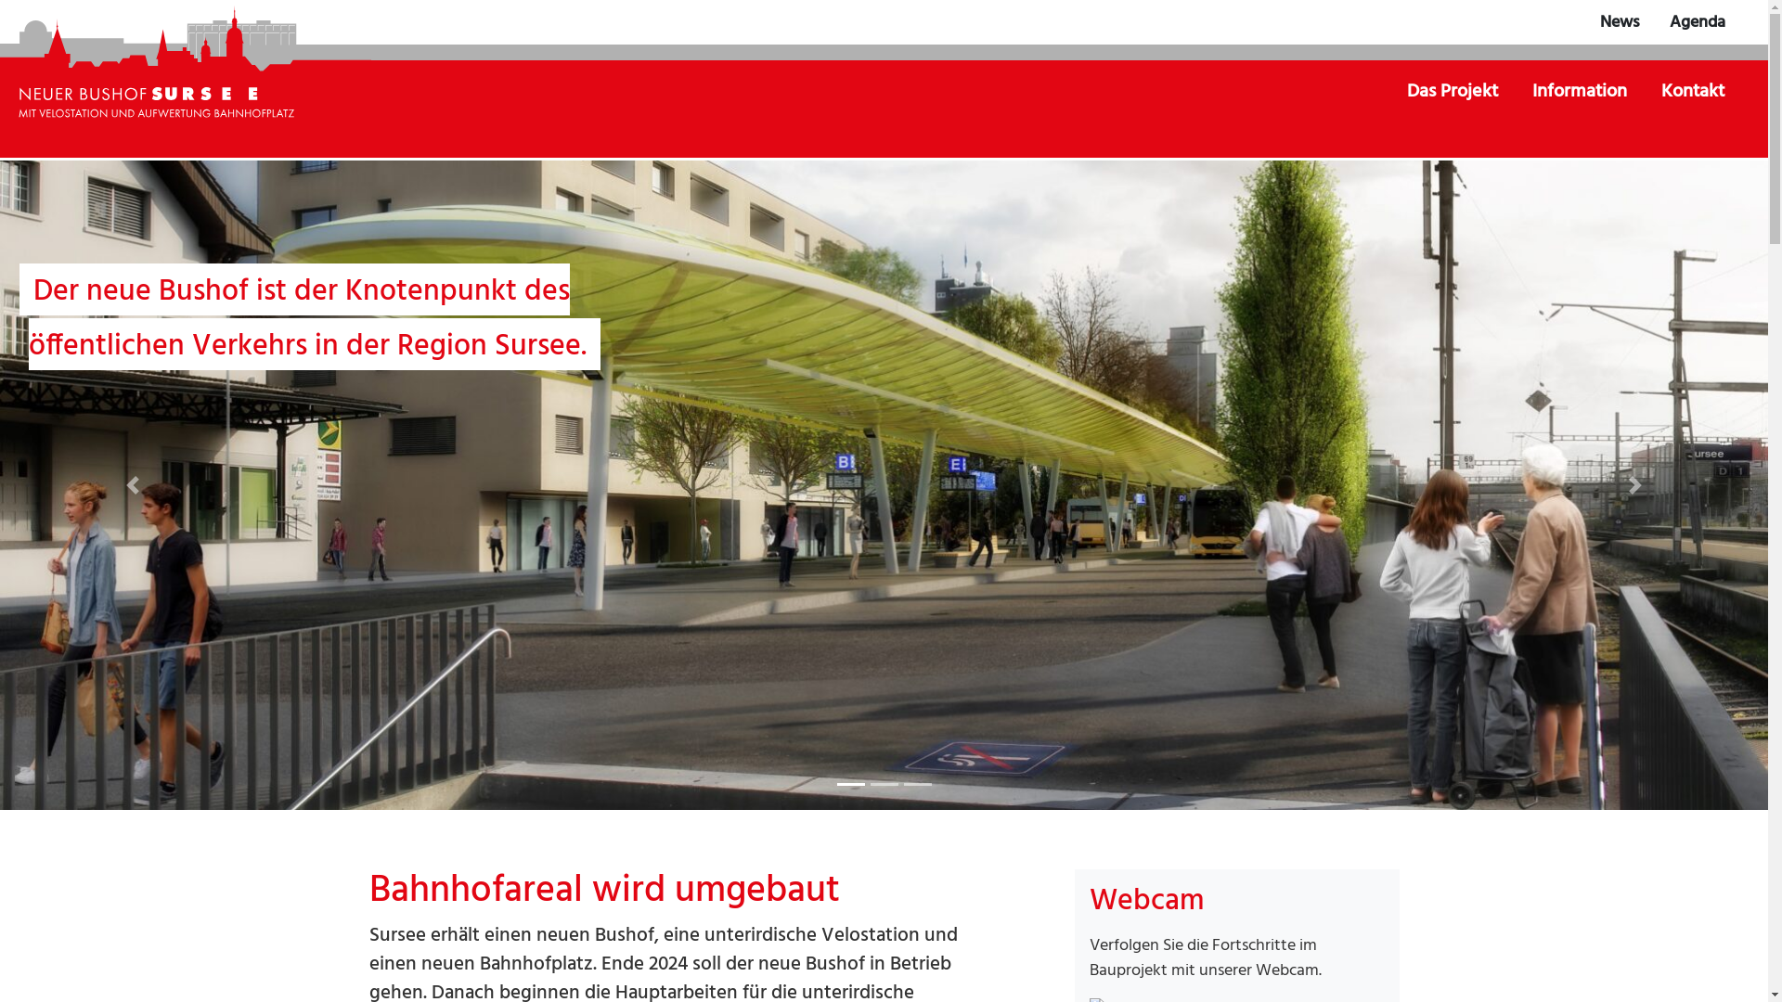 Image resolution: width=1782 pixels, height=1002 pixels. Describe the element at coordinates (1693, 92) in the screenshot. I see `'Kontakt'` at that location.